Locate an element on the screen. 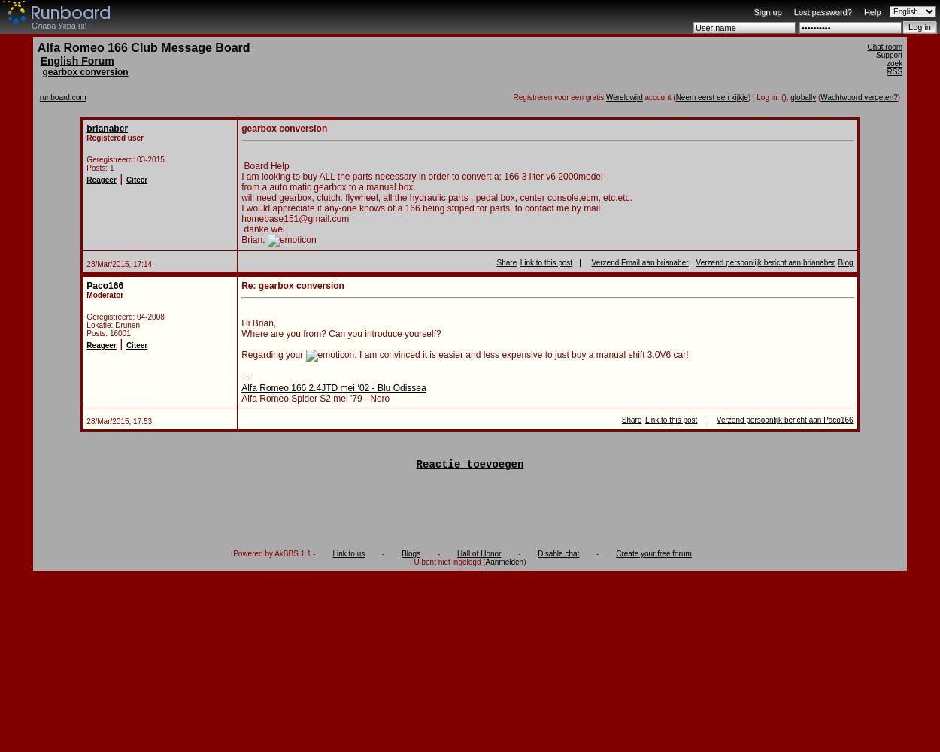 Image resolution: width=940 pixels, height=752 pixels. 'Registered user' is located at coordinates (114, 138).